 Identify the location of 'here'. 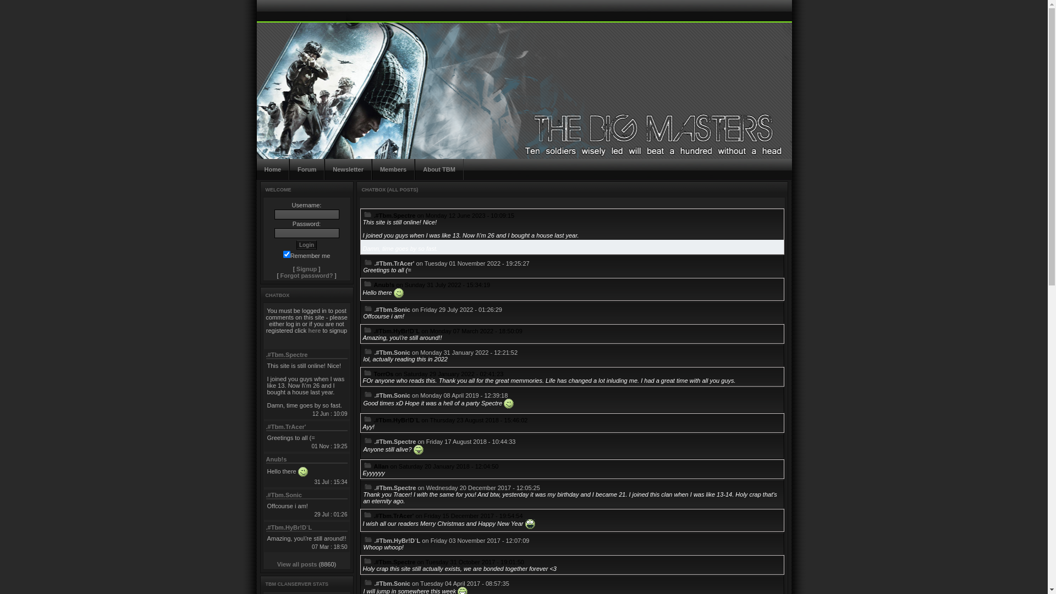
(313, 330).